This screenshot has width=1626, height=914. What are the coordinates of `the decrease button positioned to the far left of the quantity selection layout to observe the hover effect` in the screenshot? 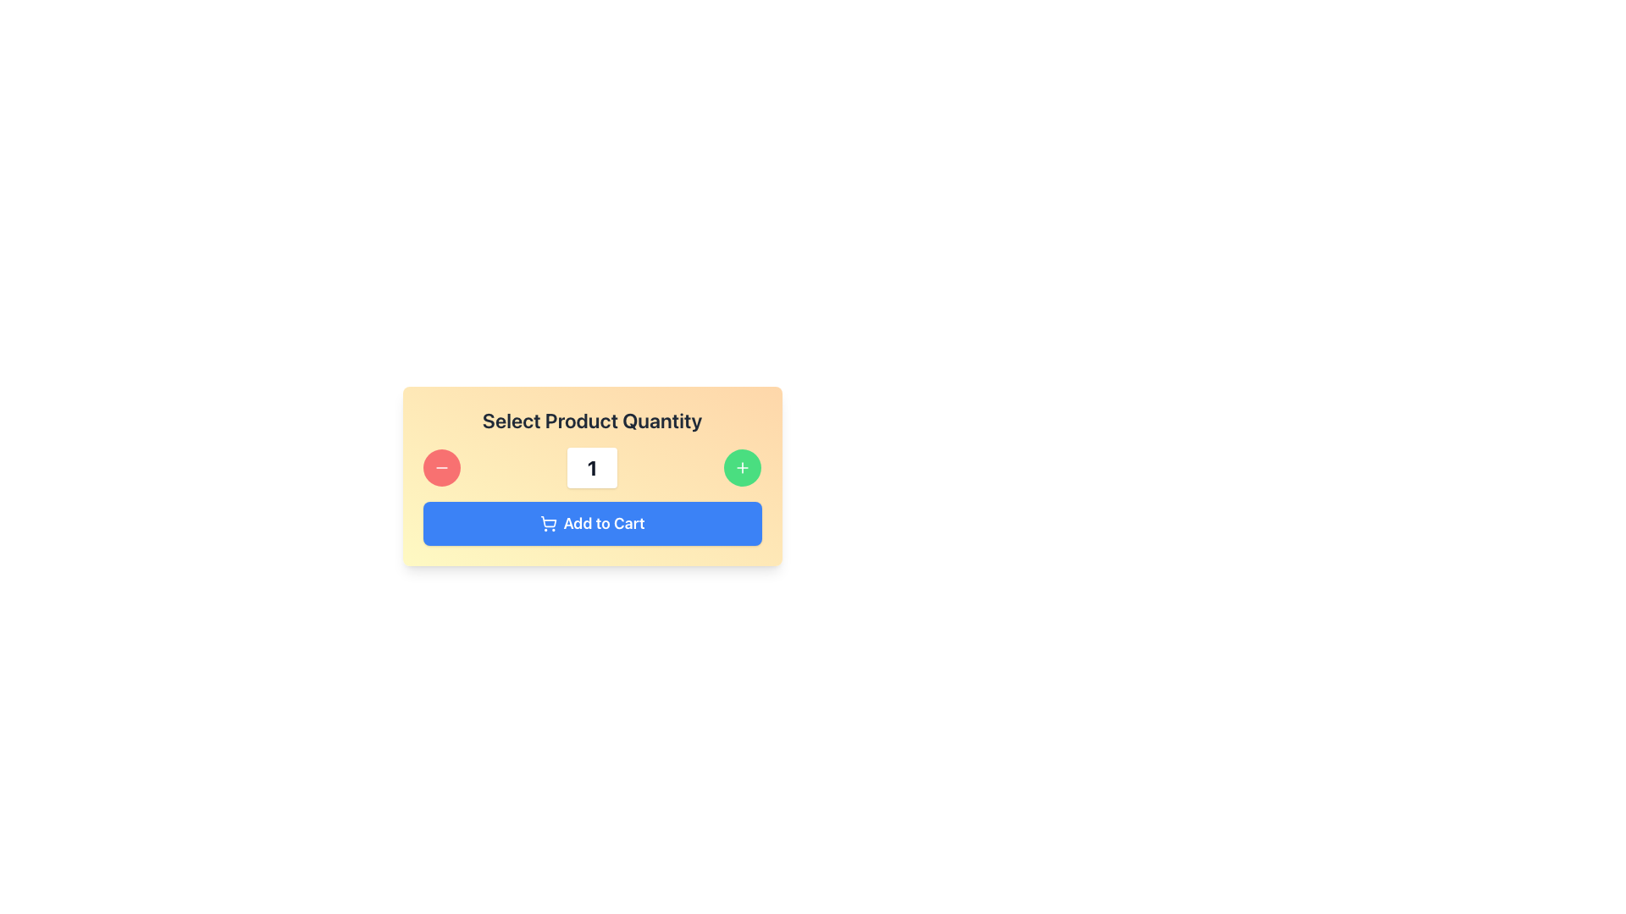 It's located at (441, 467).